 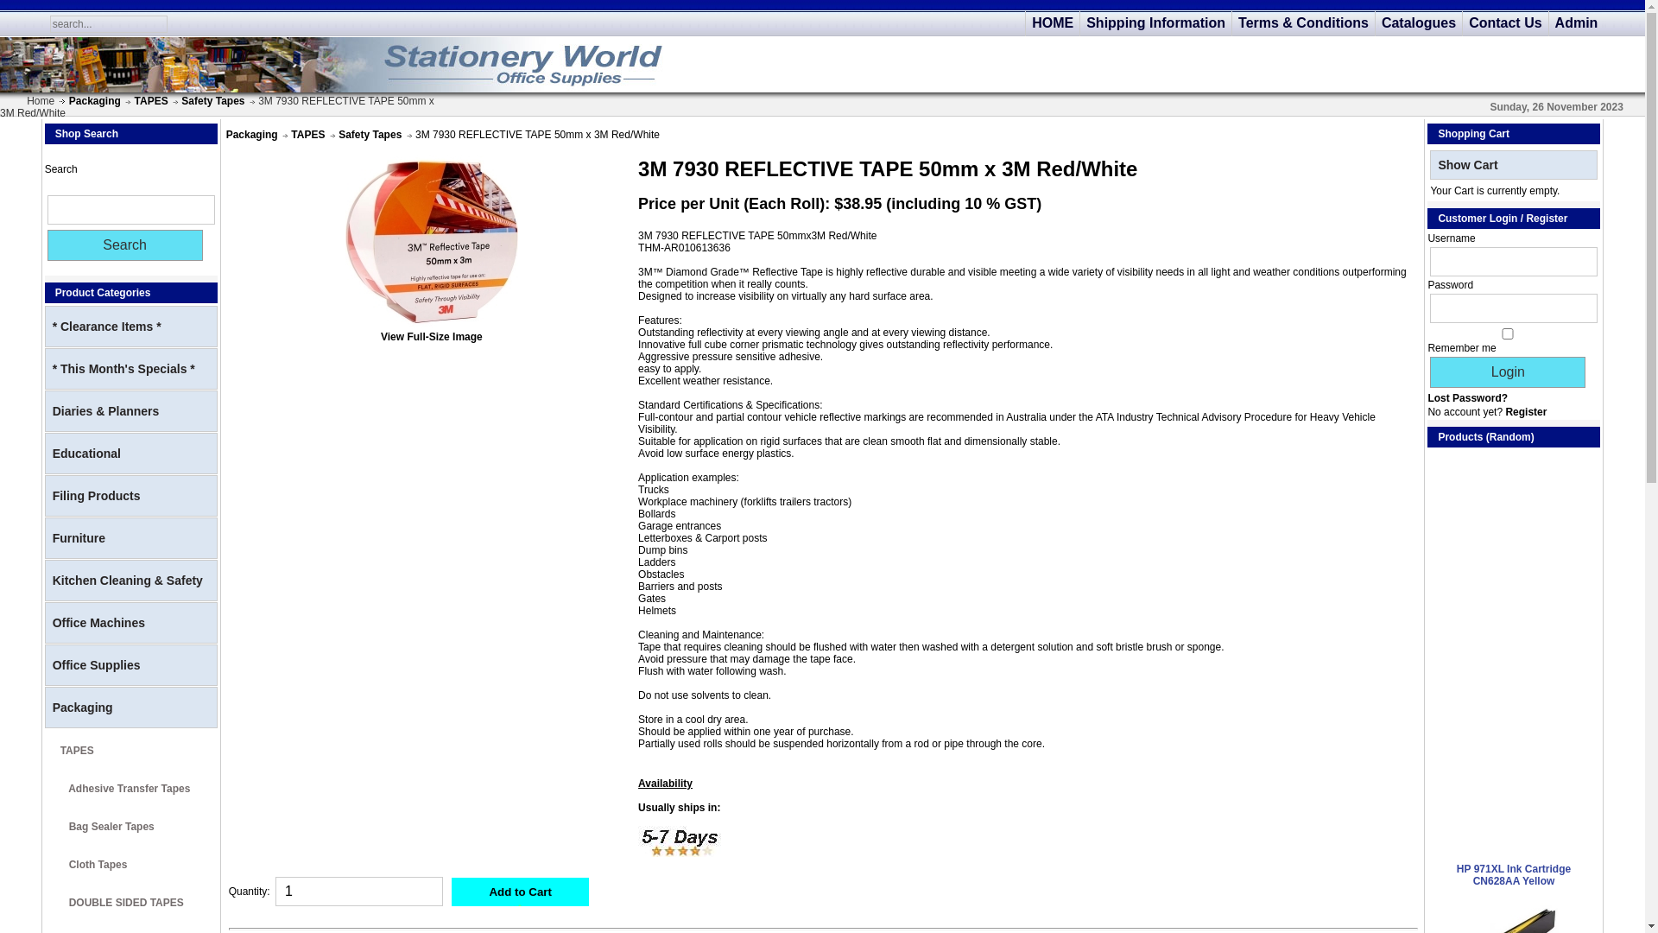 I want to click on 'Contact Us', so click(x=1503, y=22).